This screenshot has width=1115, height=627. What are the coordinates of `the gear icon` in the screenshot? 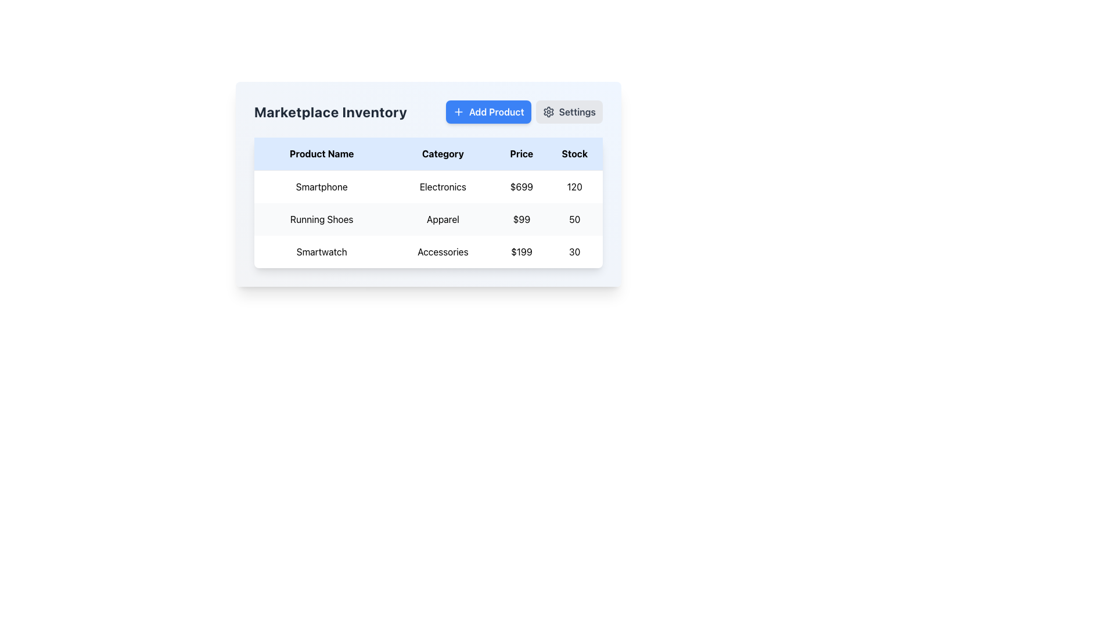 It's located at (548, 111).